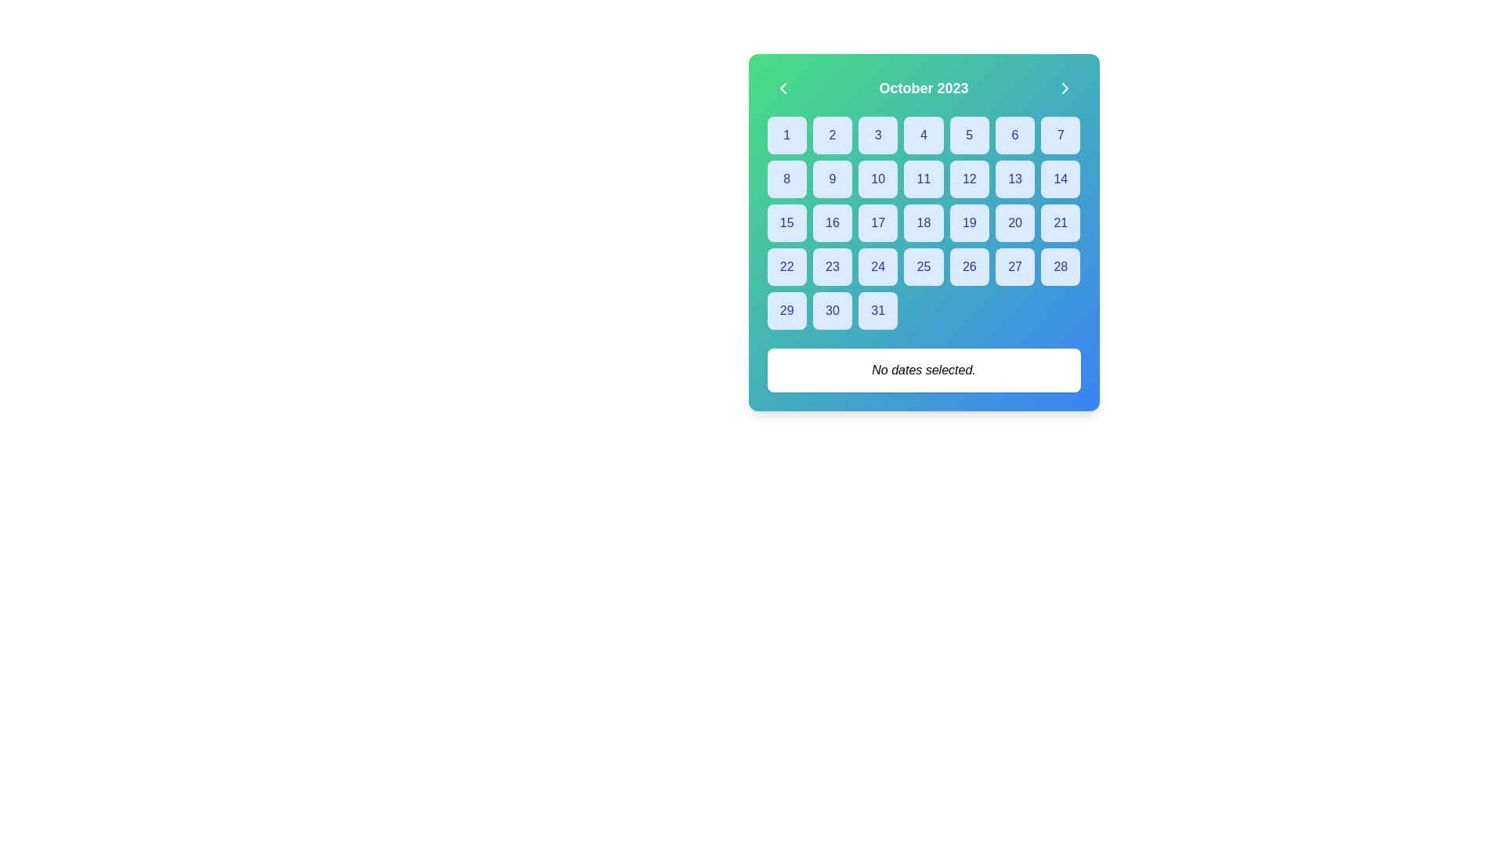 This screenshot has width=1504, height=846. What do you see at coordinates (786, 311) in the screenshot?
I see `the button representing the selectable date '29' in the calendar's last row and first column` at bounding box center [786, 311].